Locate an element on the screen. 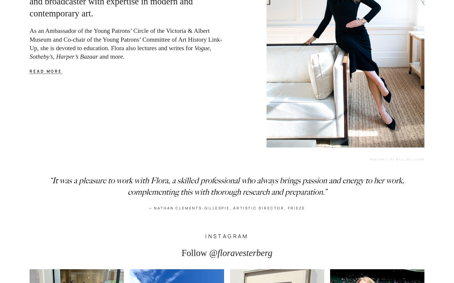  'INSTAGRAM' is located at coordinates (227, 236).